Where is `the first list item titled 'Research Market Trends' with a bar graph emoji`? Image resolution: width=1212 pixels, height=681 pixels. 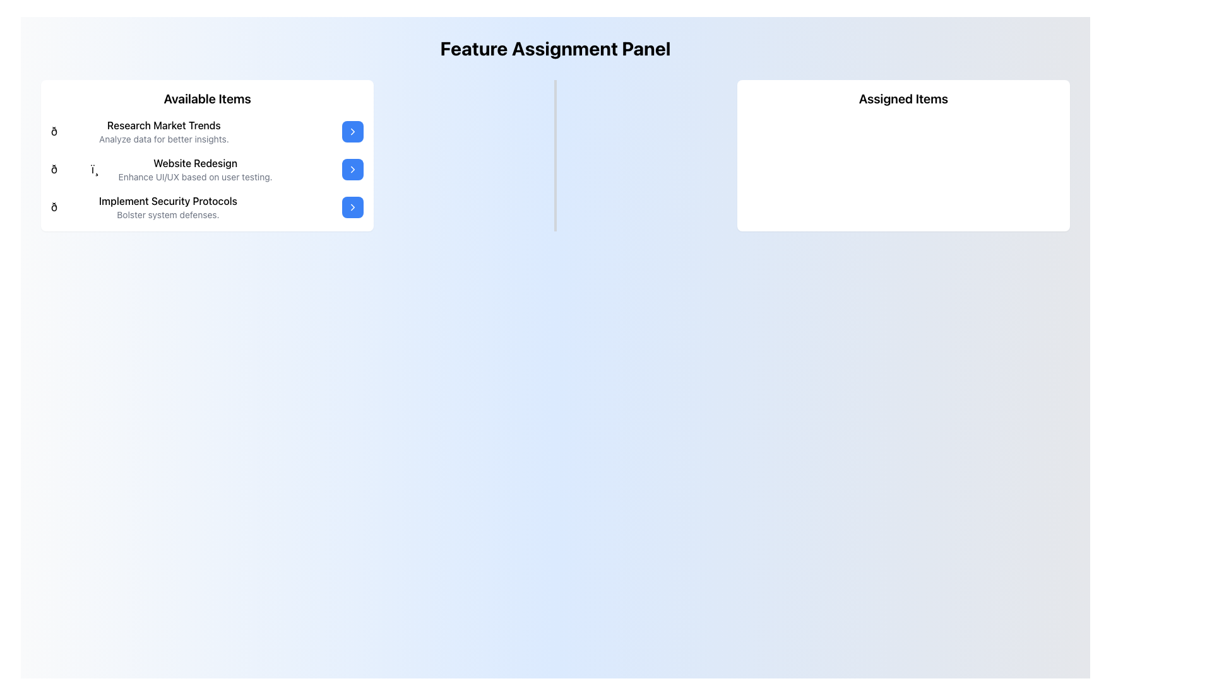 the first list item titled 'Research Market Trends' with a bar graph emoji is located at coordinates (140, 131).